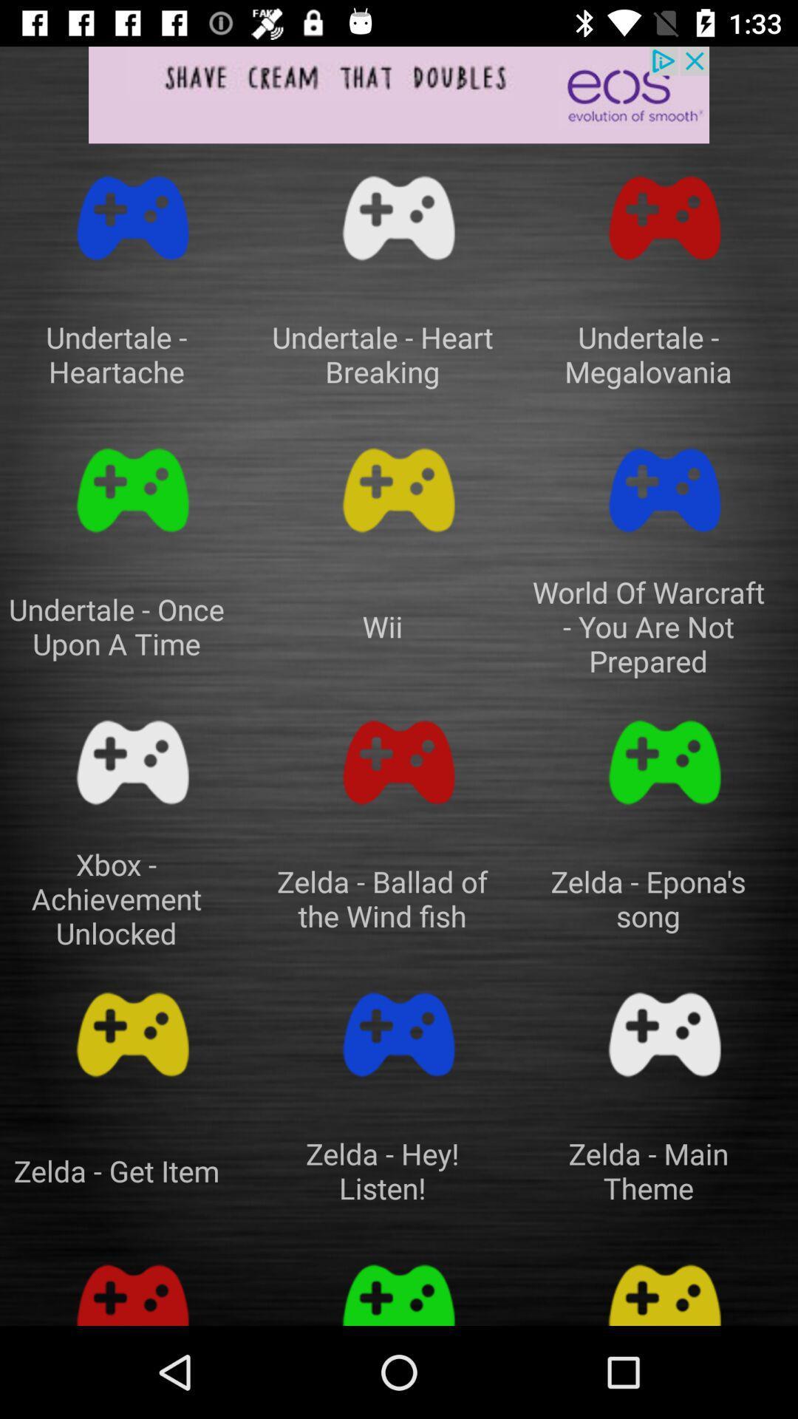 The image size is (798, 1419). What do you see at coordinates (399, 1286) in the screenshot?
I see `open theme` at bounding box center [399, 1286].